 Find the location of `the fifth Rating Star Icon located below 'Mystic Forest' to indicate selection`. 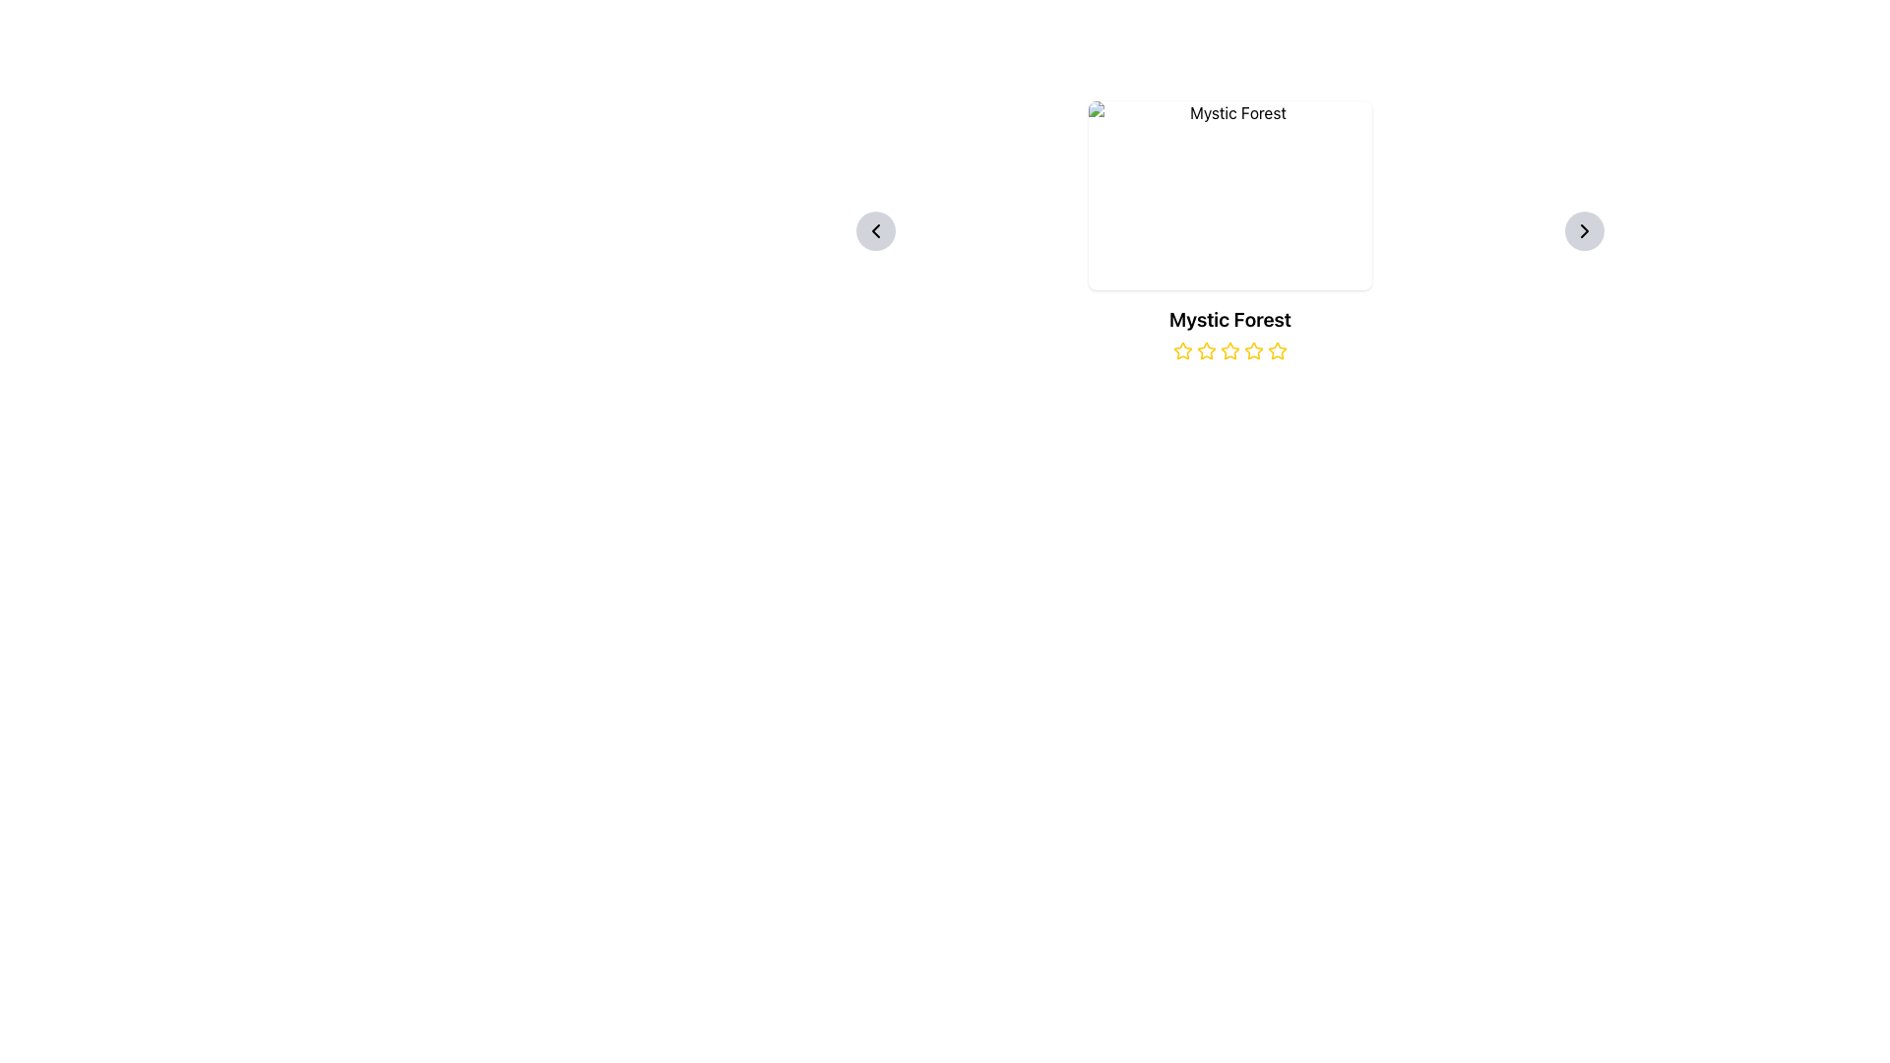

the fifth Rating Star Icon located below 'Mystic Forest' to indicate selection is located at coordinates (1277, 349).